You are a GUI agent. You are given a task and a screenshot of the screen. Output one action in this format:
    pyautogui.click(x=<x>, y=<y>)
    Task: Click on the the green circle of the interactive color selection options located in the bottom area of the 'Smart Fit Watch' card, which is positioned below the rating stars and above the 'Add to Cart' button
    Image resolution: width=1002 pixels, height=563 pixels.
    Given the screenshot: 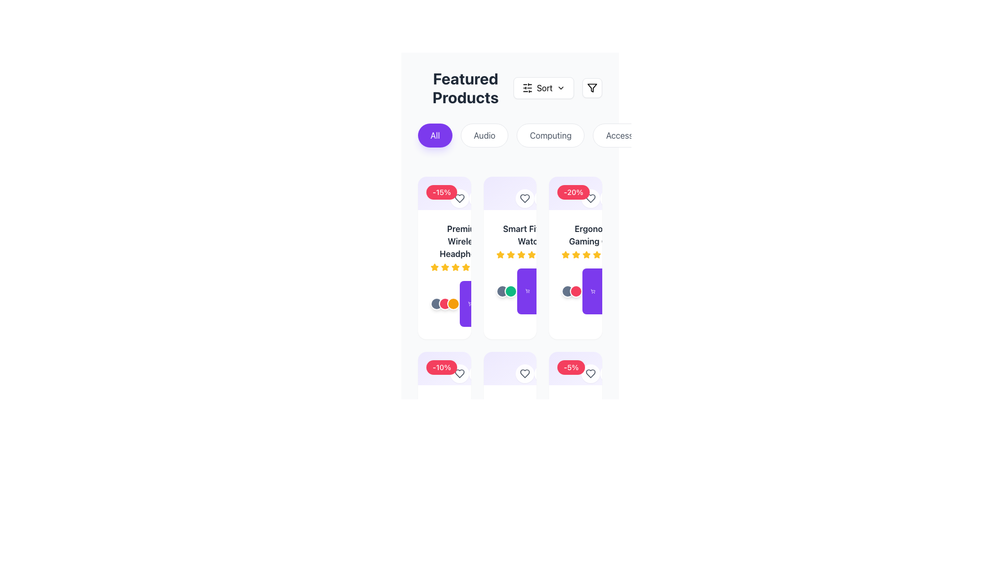 What is the action you would take?
    pyautogui.click(x=506, y=291)
    